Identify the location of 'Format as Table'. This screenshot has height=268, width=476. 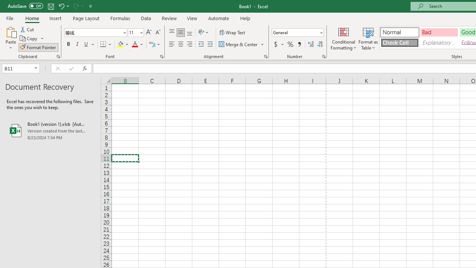
(368, 38).